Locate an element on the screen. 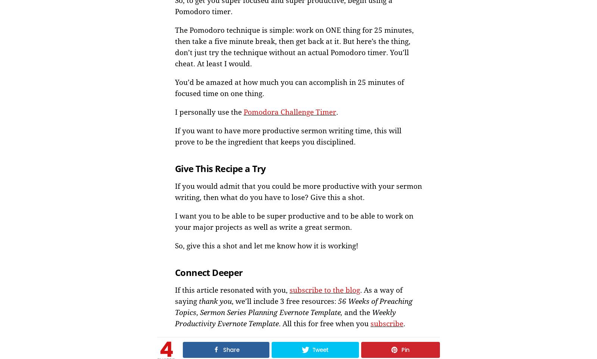  'I want you to be able to be super productive and to be able to work on your major projects as well as write a great sermon.' is located at coordinates (294, 221).